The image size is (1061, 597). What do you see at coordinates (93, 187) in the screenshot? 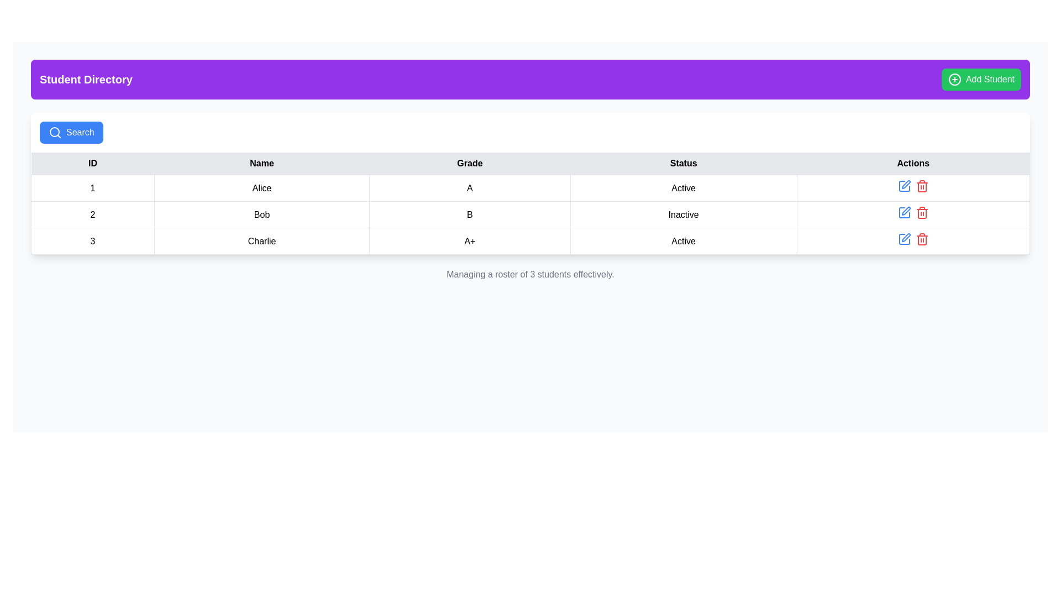
I see `text content of the first cell in the first row of the table displaying '1', located under the 'ID' header` at bounding box center [93, 187].